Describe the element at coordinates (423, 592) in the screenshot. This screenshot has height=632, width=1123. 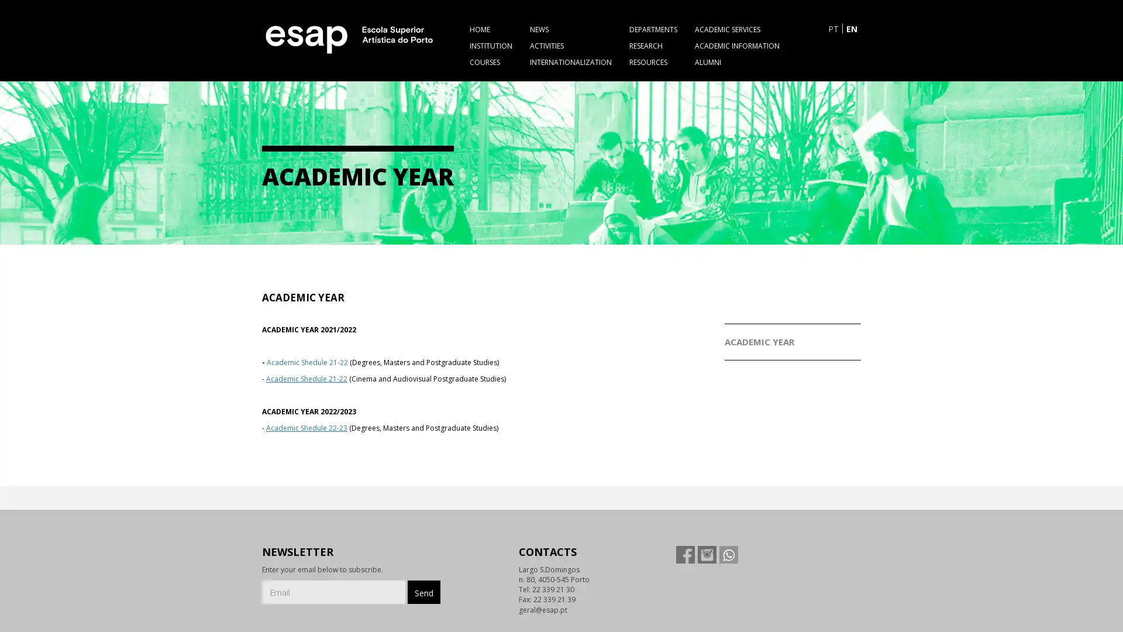
I see `Send` at that location.